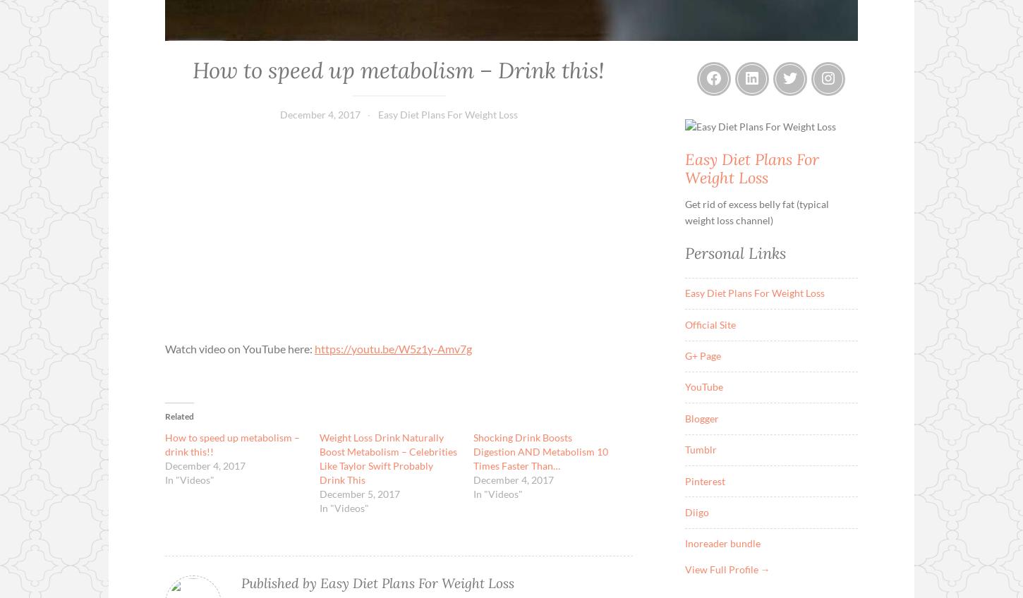  I want to click on 'Related', so click(179, 416).